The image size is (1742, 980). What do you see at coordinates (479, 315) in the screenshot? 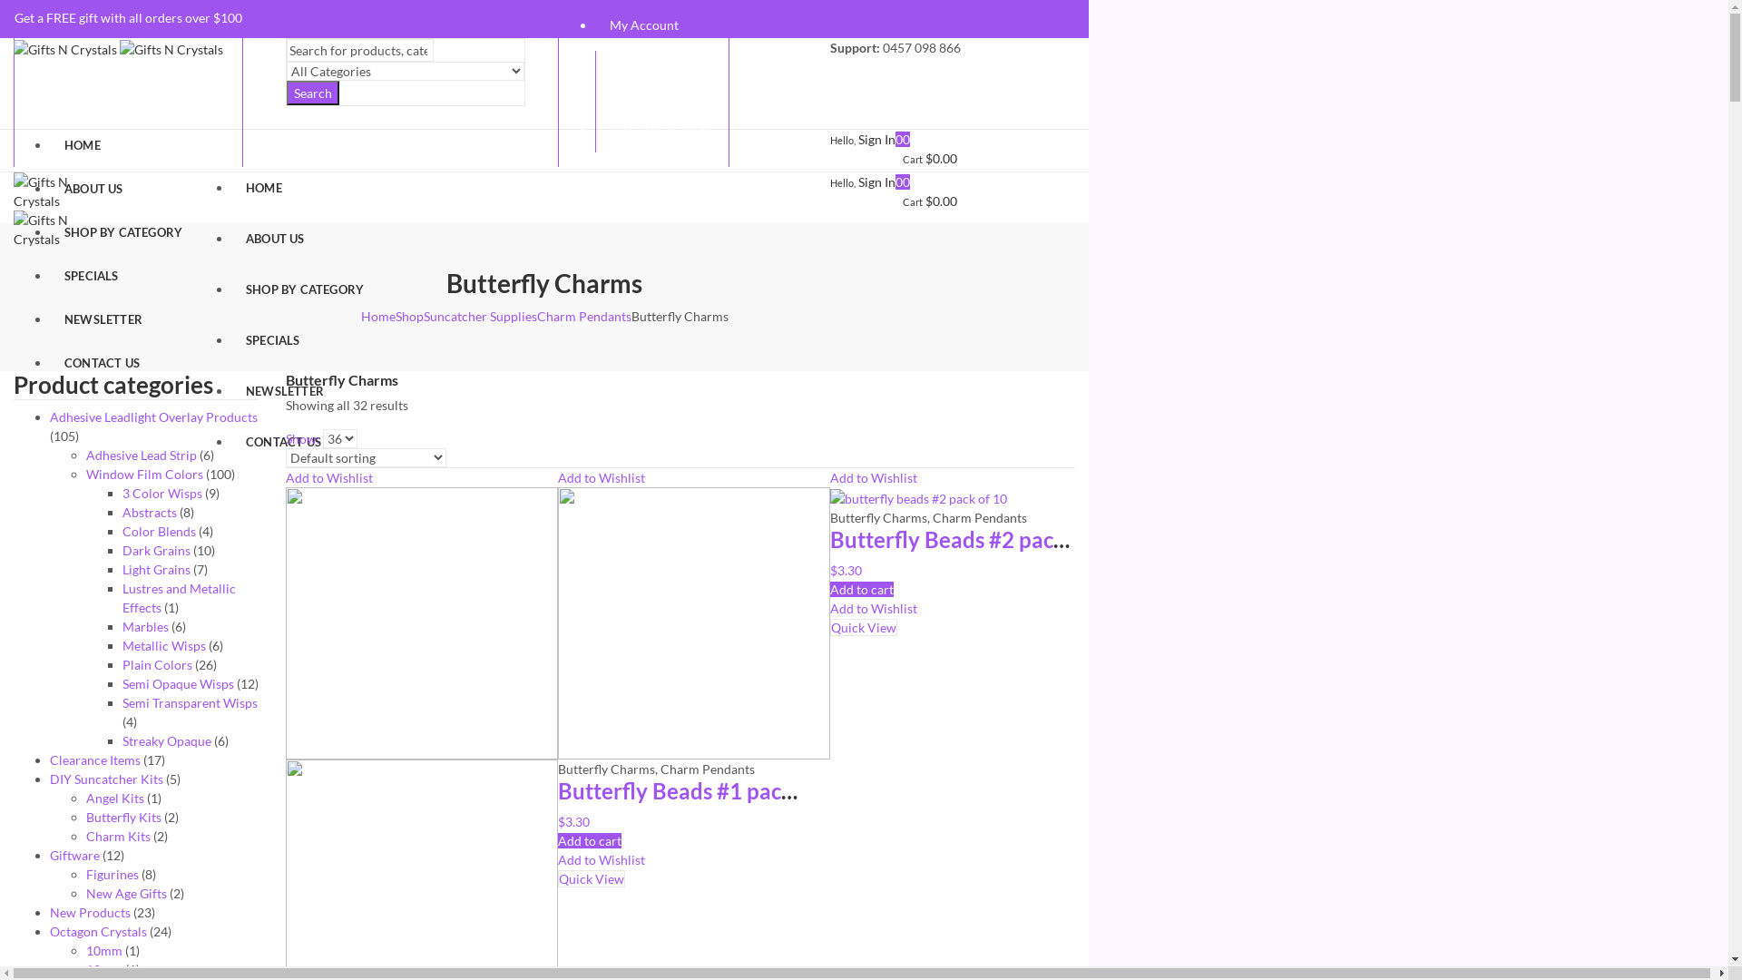
I see `'Suncatcher Supplies'` at bounding box center [479, 315].